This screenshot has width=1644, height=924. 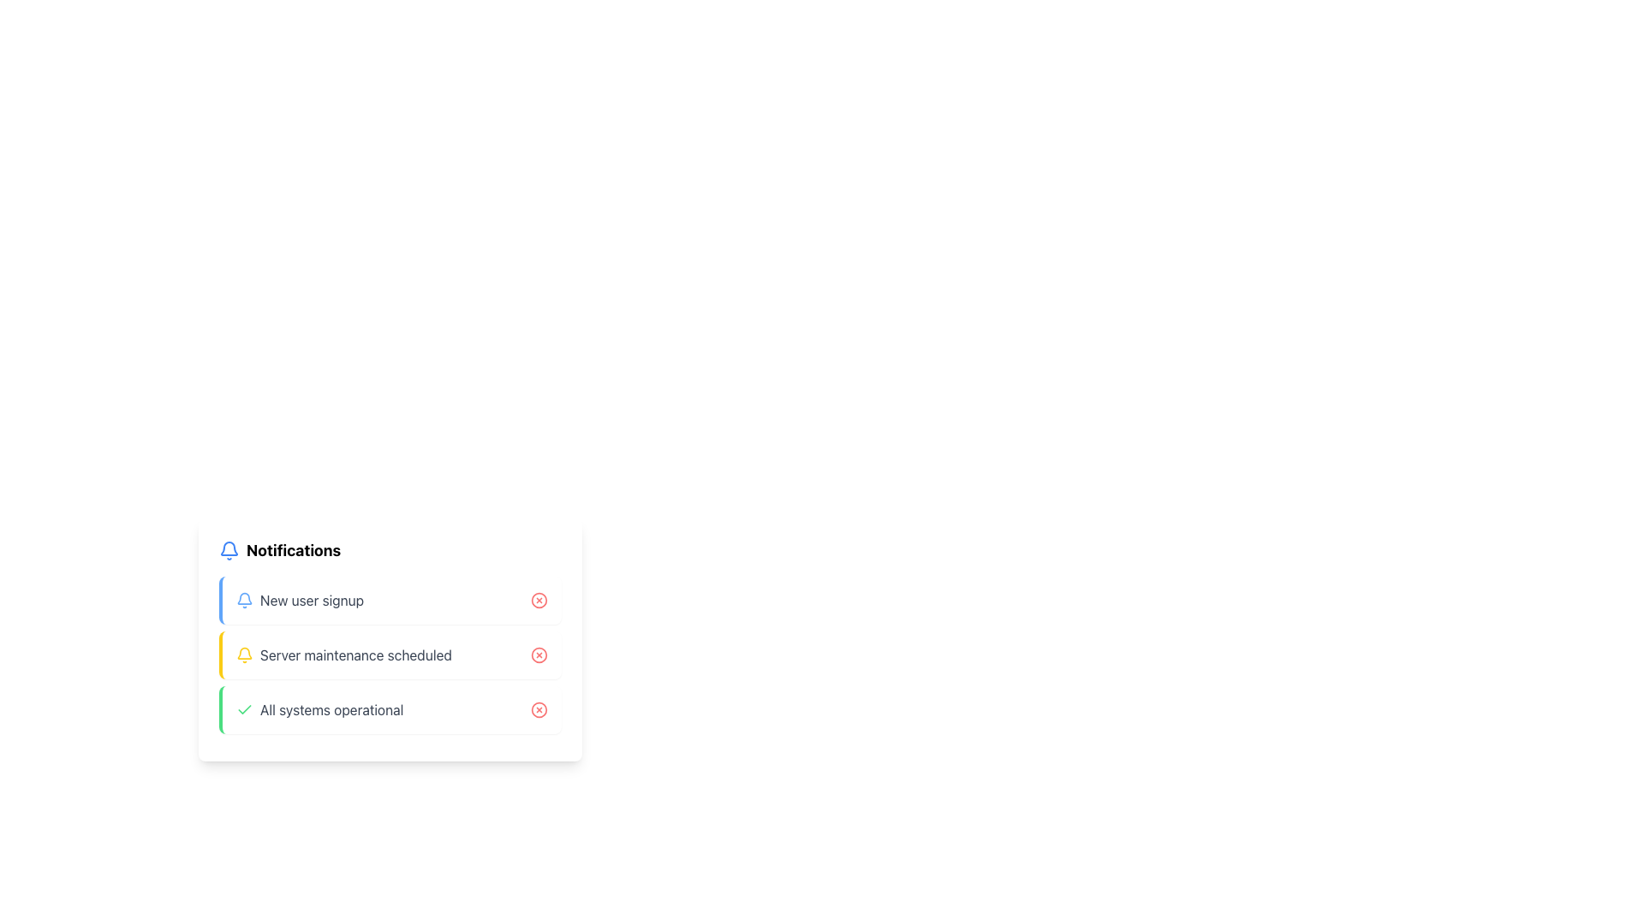 What do you see at coordinates (342, 654) in the screenshot?
I see `the notification item displaying 'Server maintenance scheduled', which is the second item in the notification list with a yellow left border indicating an alert` at bounding box center [342, 654].